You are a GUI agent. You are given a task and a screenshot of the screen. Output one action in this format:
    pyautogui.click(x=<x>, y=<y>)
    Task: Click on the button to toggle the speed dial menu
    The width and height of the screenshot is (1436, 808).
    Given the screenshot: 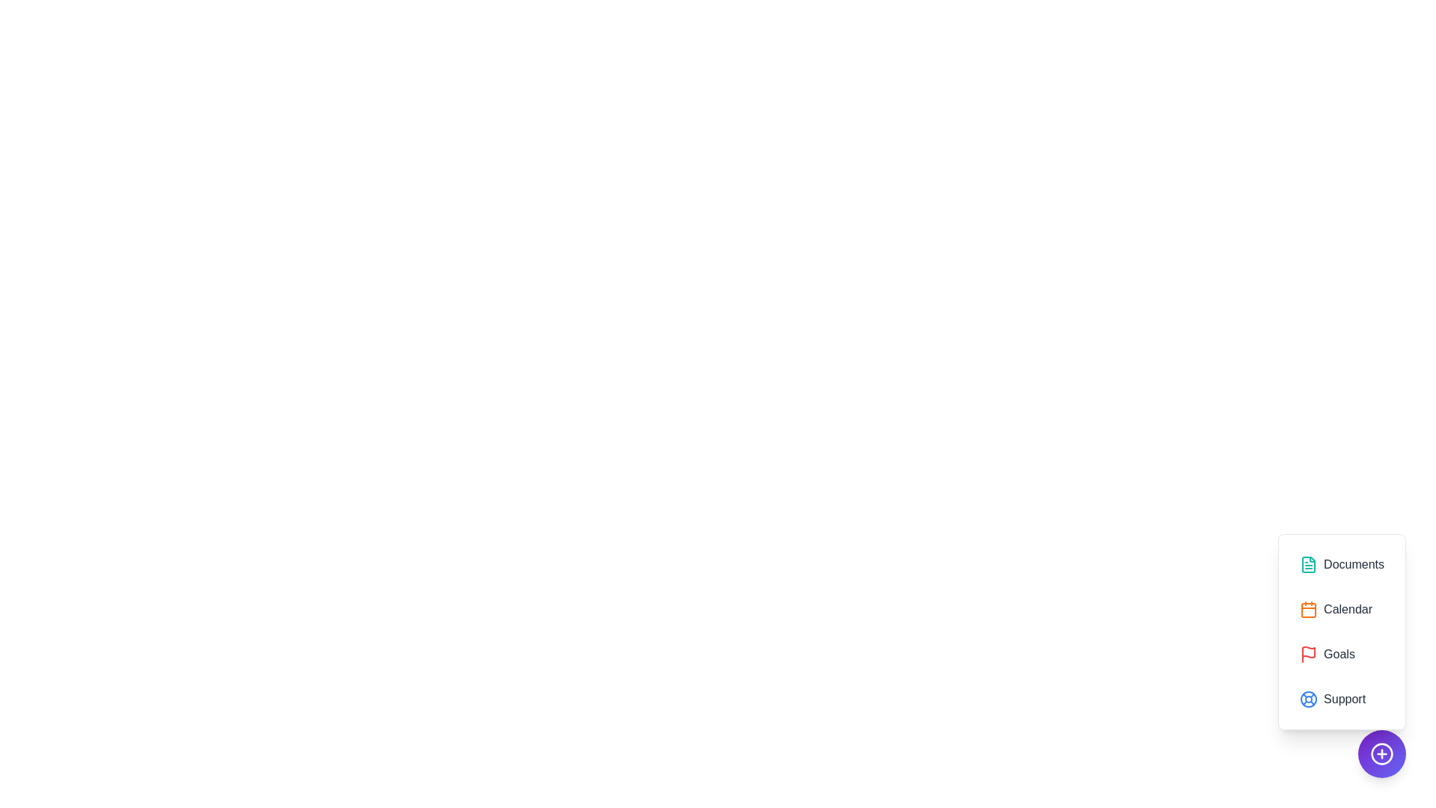 What is the action you would take?
    pyautogui.click(x=1381, y=753)
    